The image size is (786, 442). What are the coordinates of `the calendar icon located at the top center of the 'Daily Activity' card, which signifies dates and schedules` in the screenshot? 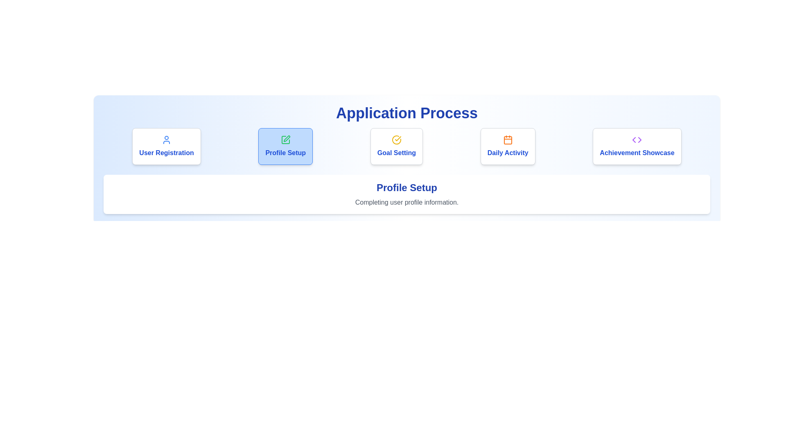 It's located at (507, 140).